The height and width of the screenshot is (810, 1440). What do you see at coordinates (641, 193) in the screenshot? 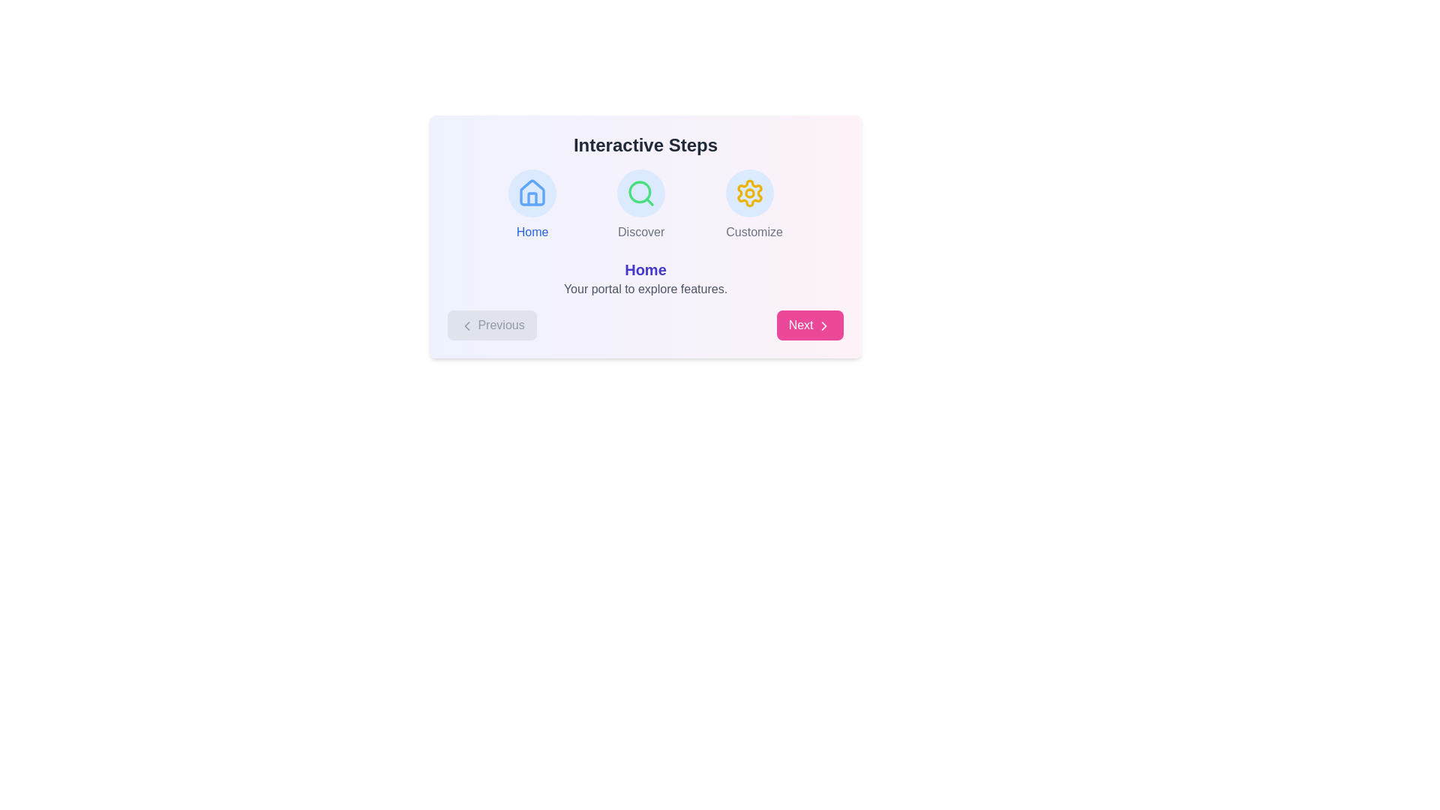
I see `the visual design of the circular icon with a light blue background and a green magnifying glass symbol, located in the middle of the 'Discover' section between 'Home' and 'Customize'` at bounding box center [641, 193].